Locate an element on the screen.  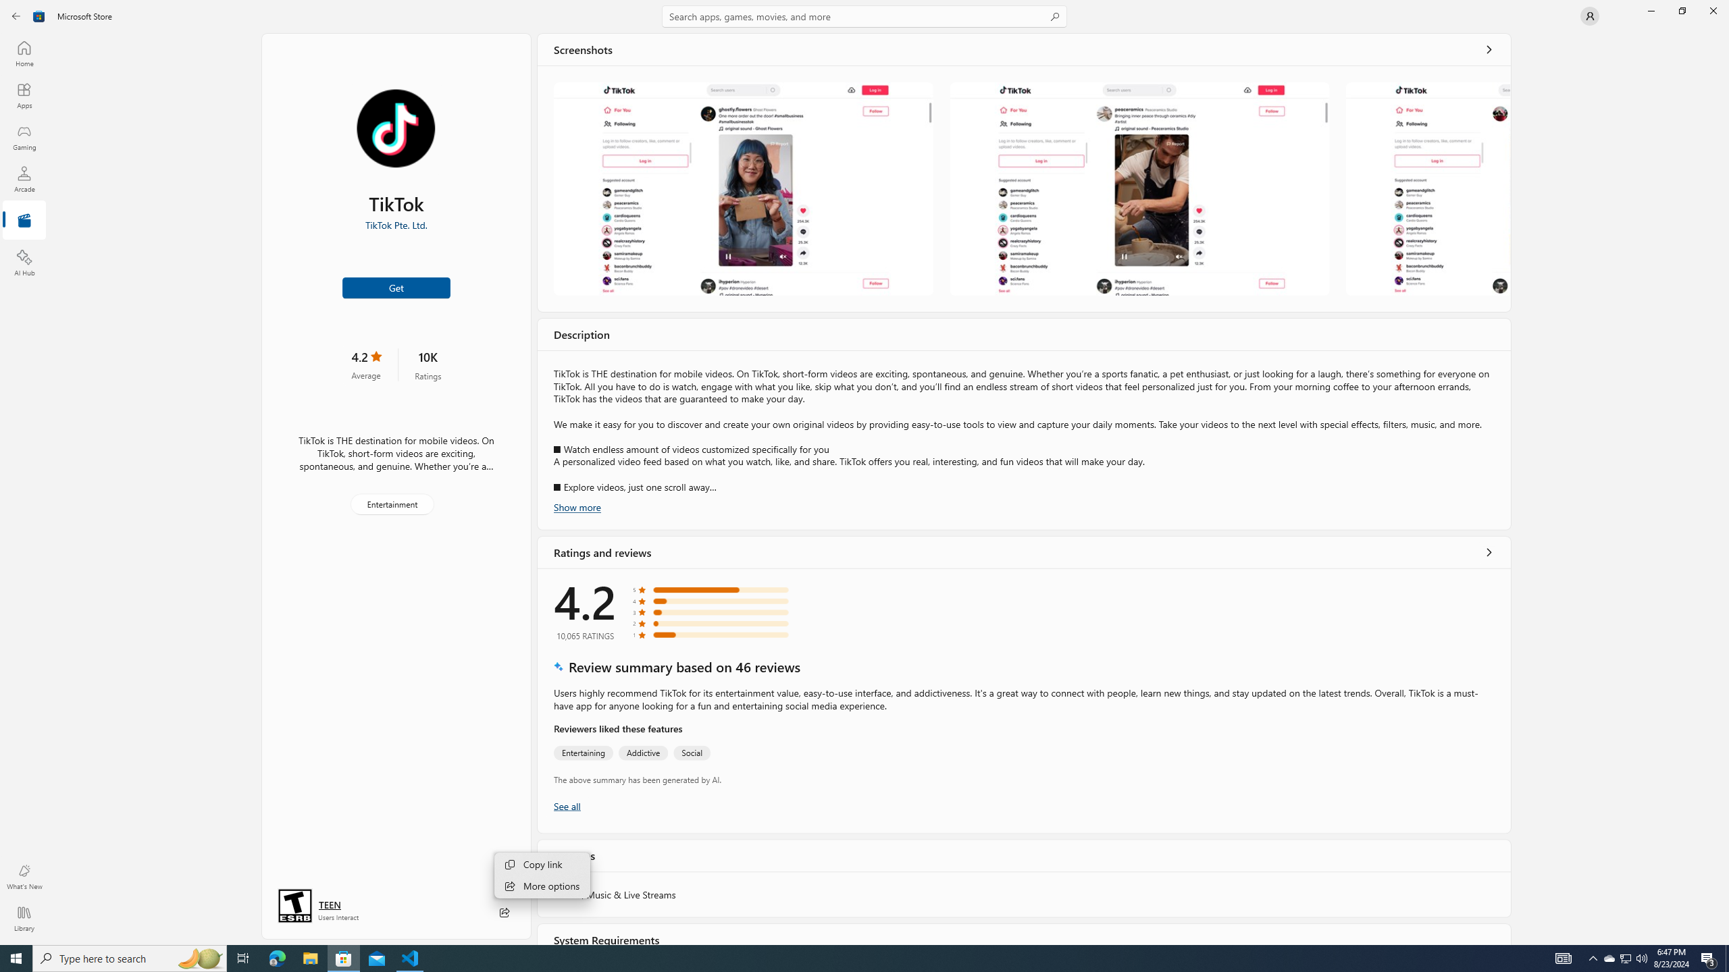
'Library' is located at coordinates (23, 918).